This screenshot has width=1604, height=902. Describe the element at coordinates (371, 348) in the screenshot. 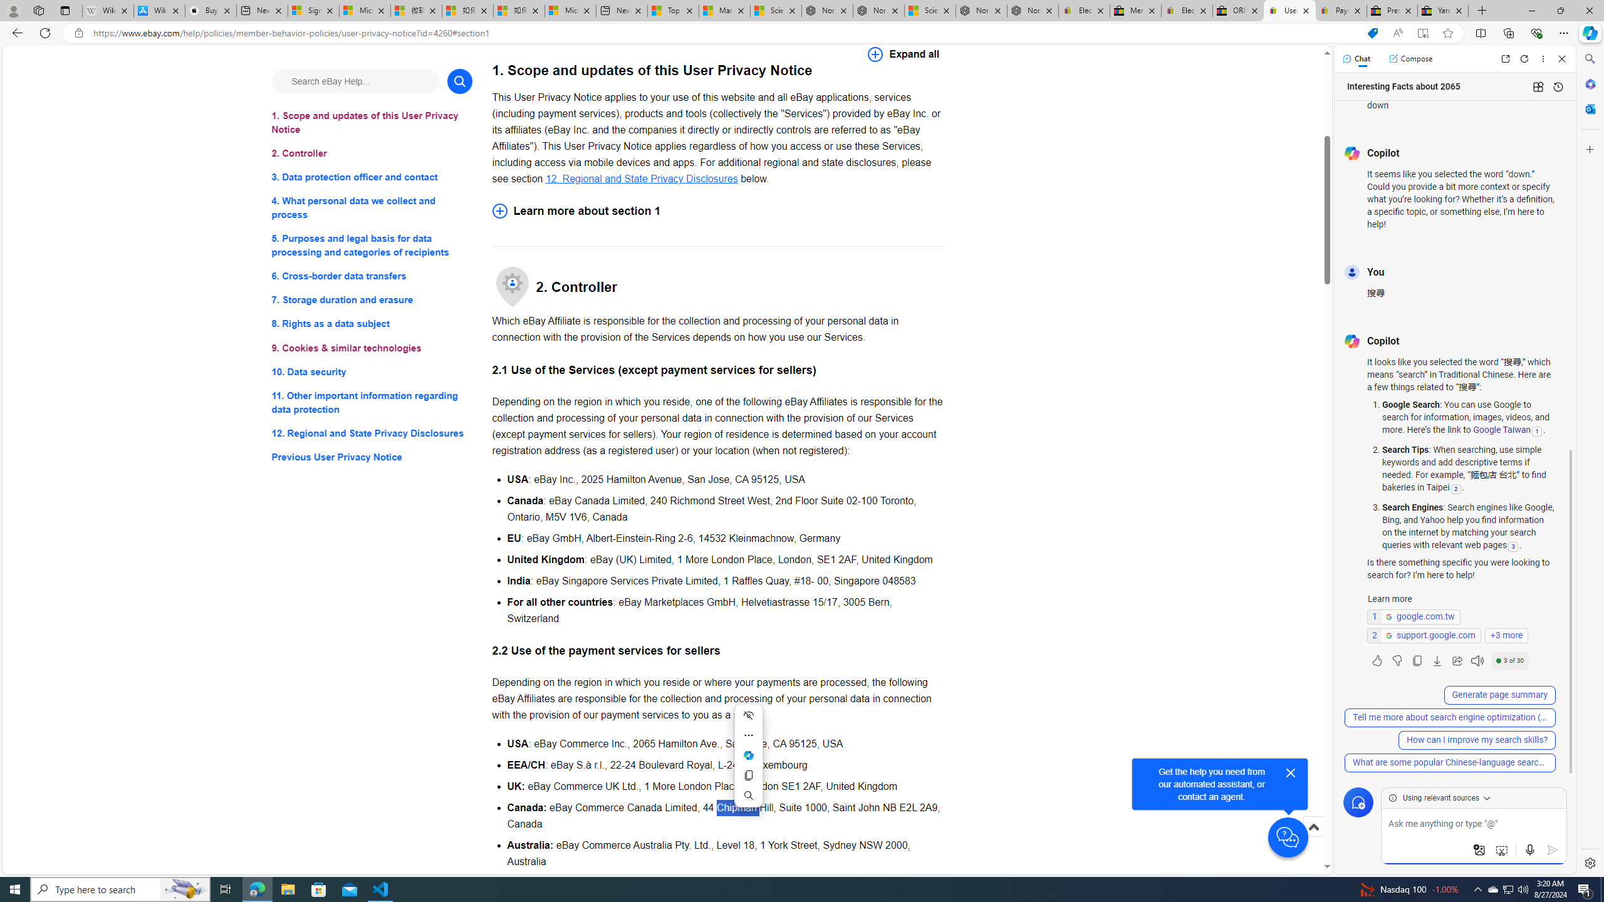

I see `'9. Cookies & similar technologies'` at that location.